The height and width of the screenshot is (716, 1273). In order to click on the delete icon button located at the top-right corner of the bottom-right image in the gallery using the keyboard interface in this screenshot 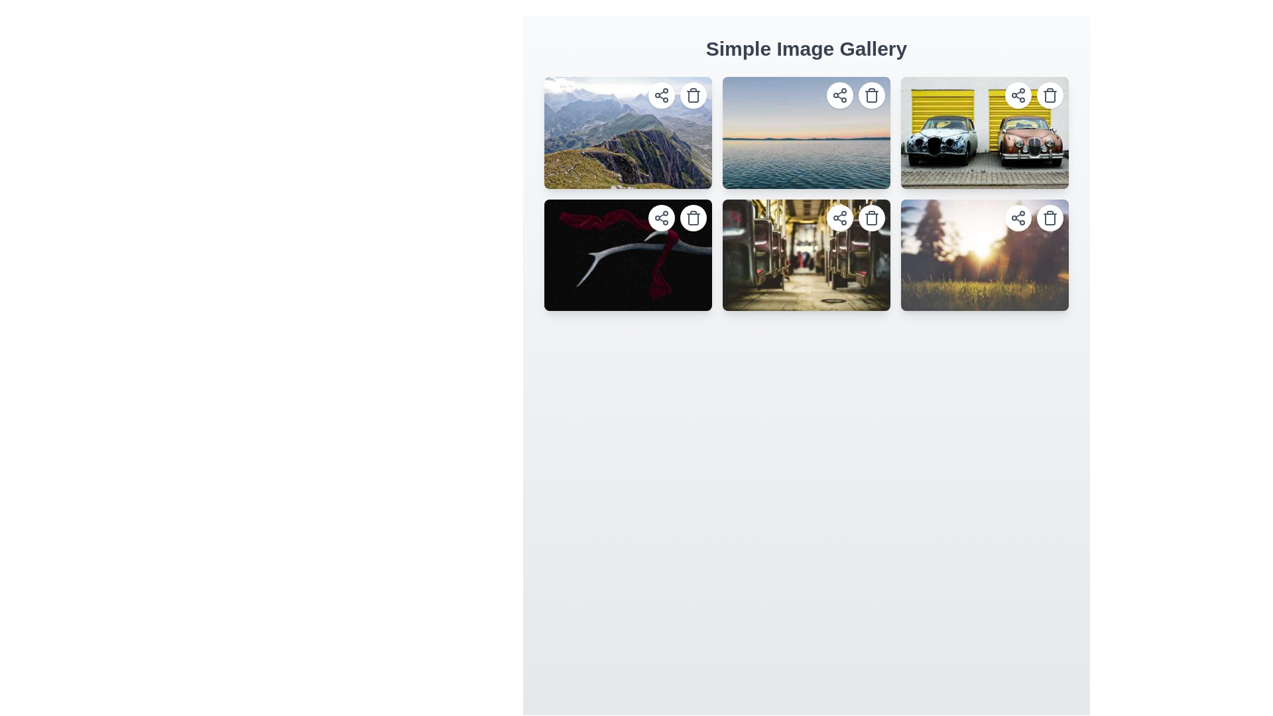, I will do `click(1050, 216)`.